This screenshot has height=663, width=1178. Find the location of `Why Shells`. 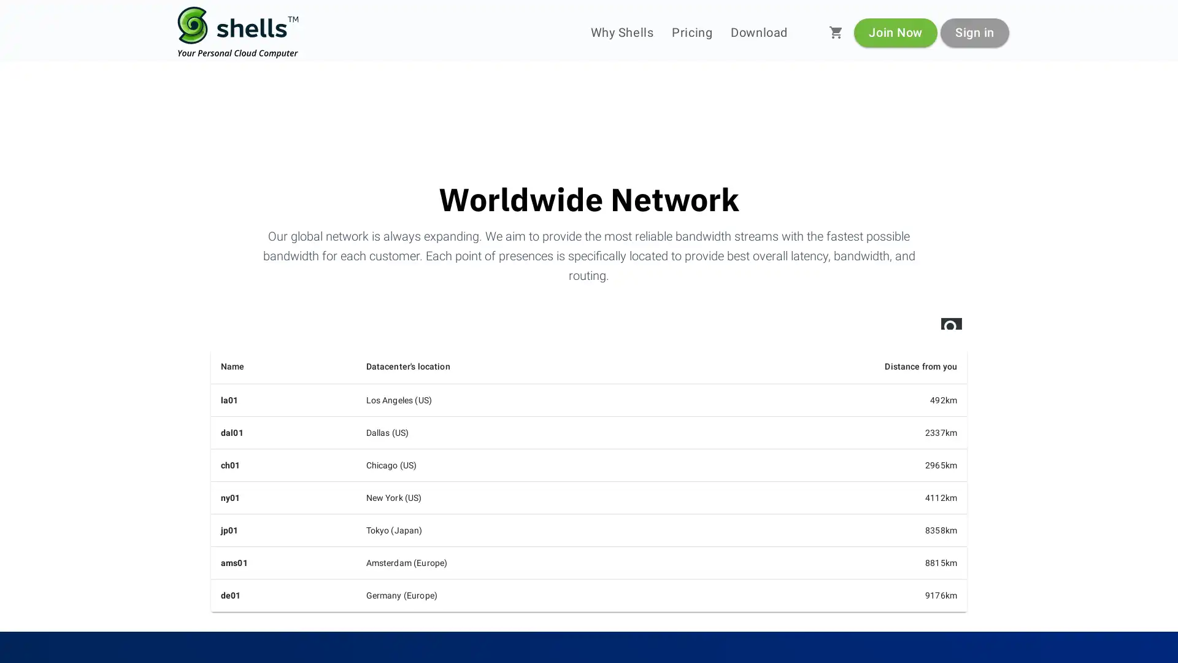

Why Shells is located at coordinates (622, 32).